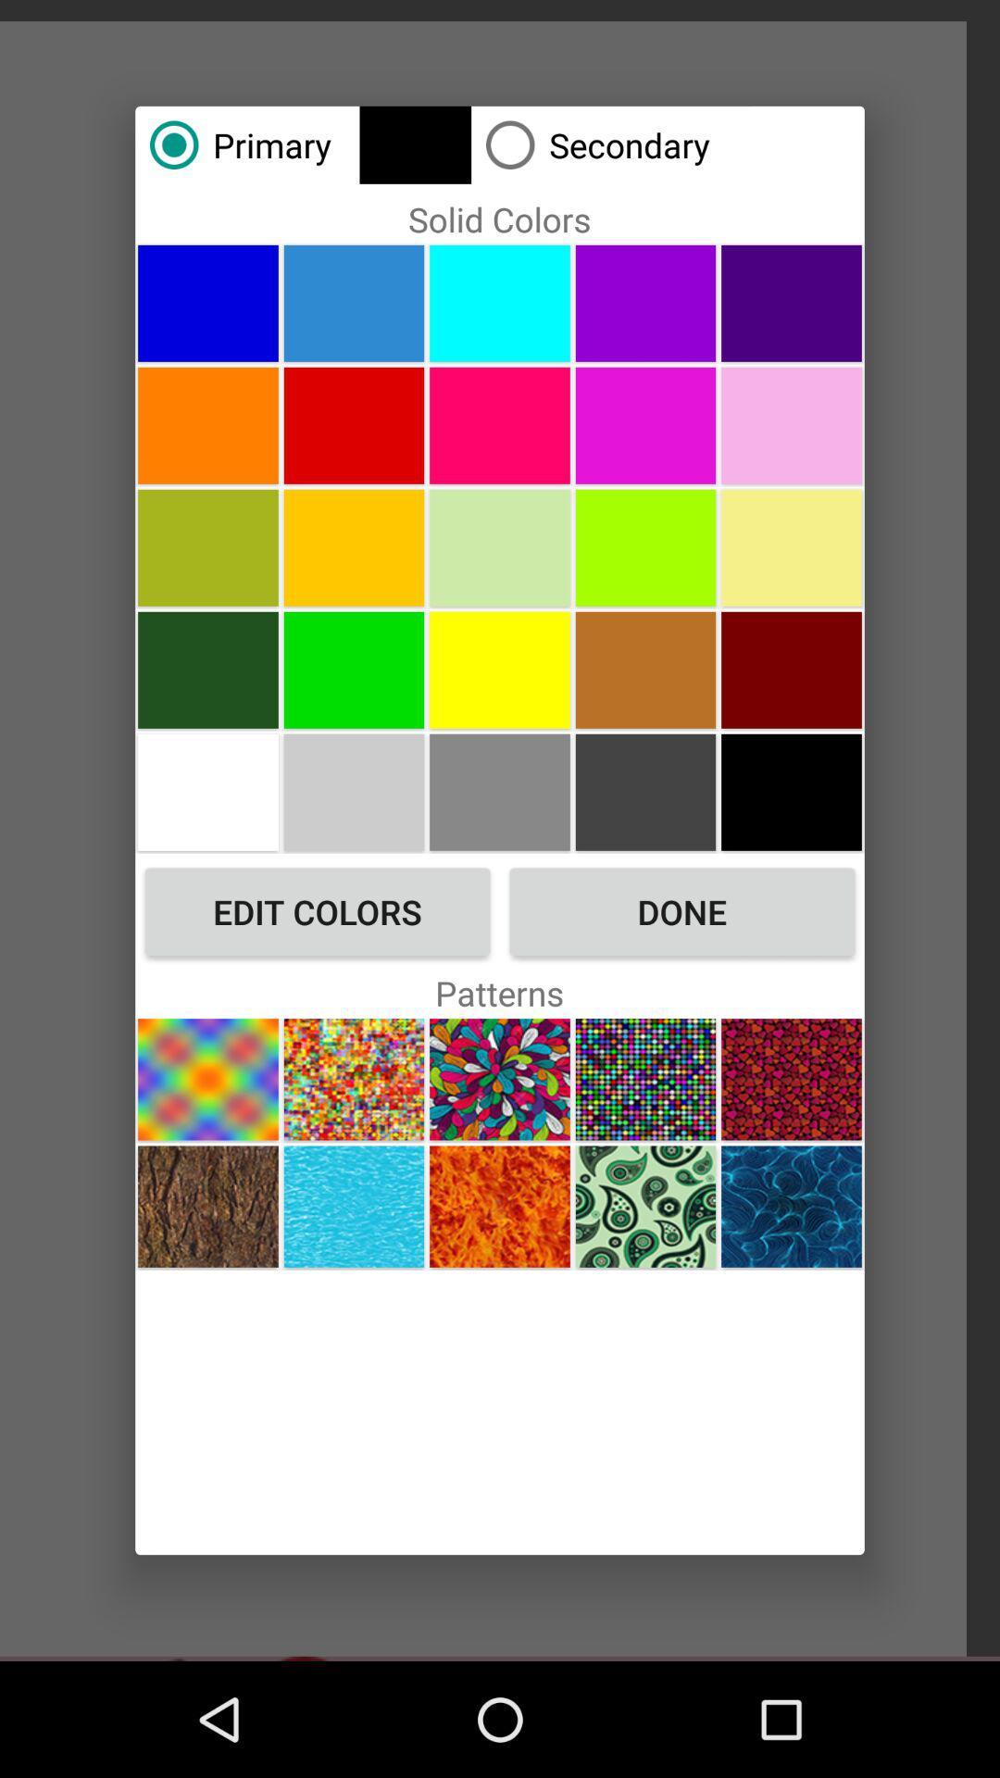 The image size is (1000, 1778). Describe the element at coordinates (681, 911) in the screenshot. I see `the done item` at that location.